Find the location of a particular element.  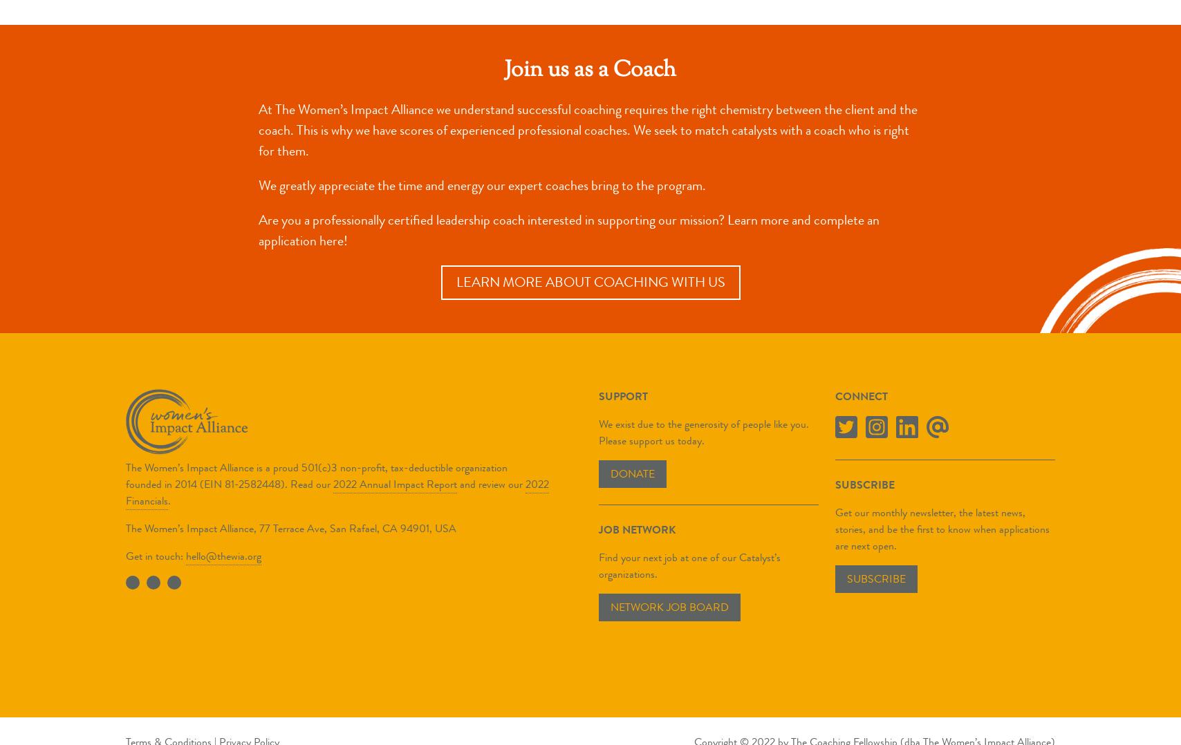

'Learn more and complete an application here!' is located at coordinates (569, 229).